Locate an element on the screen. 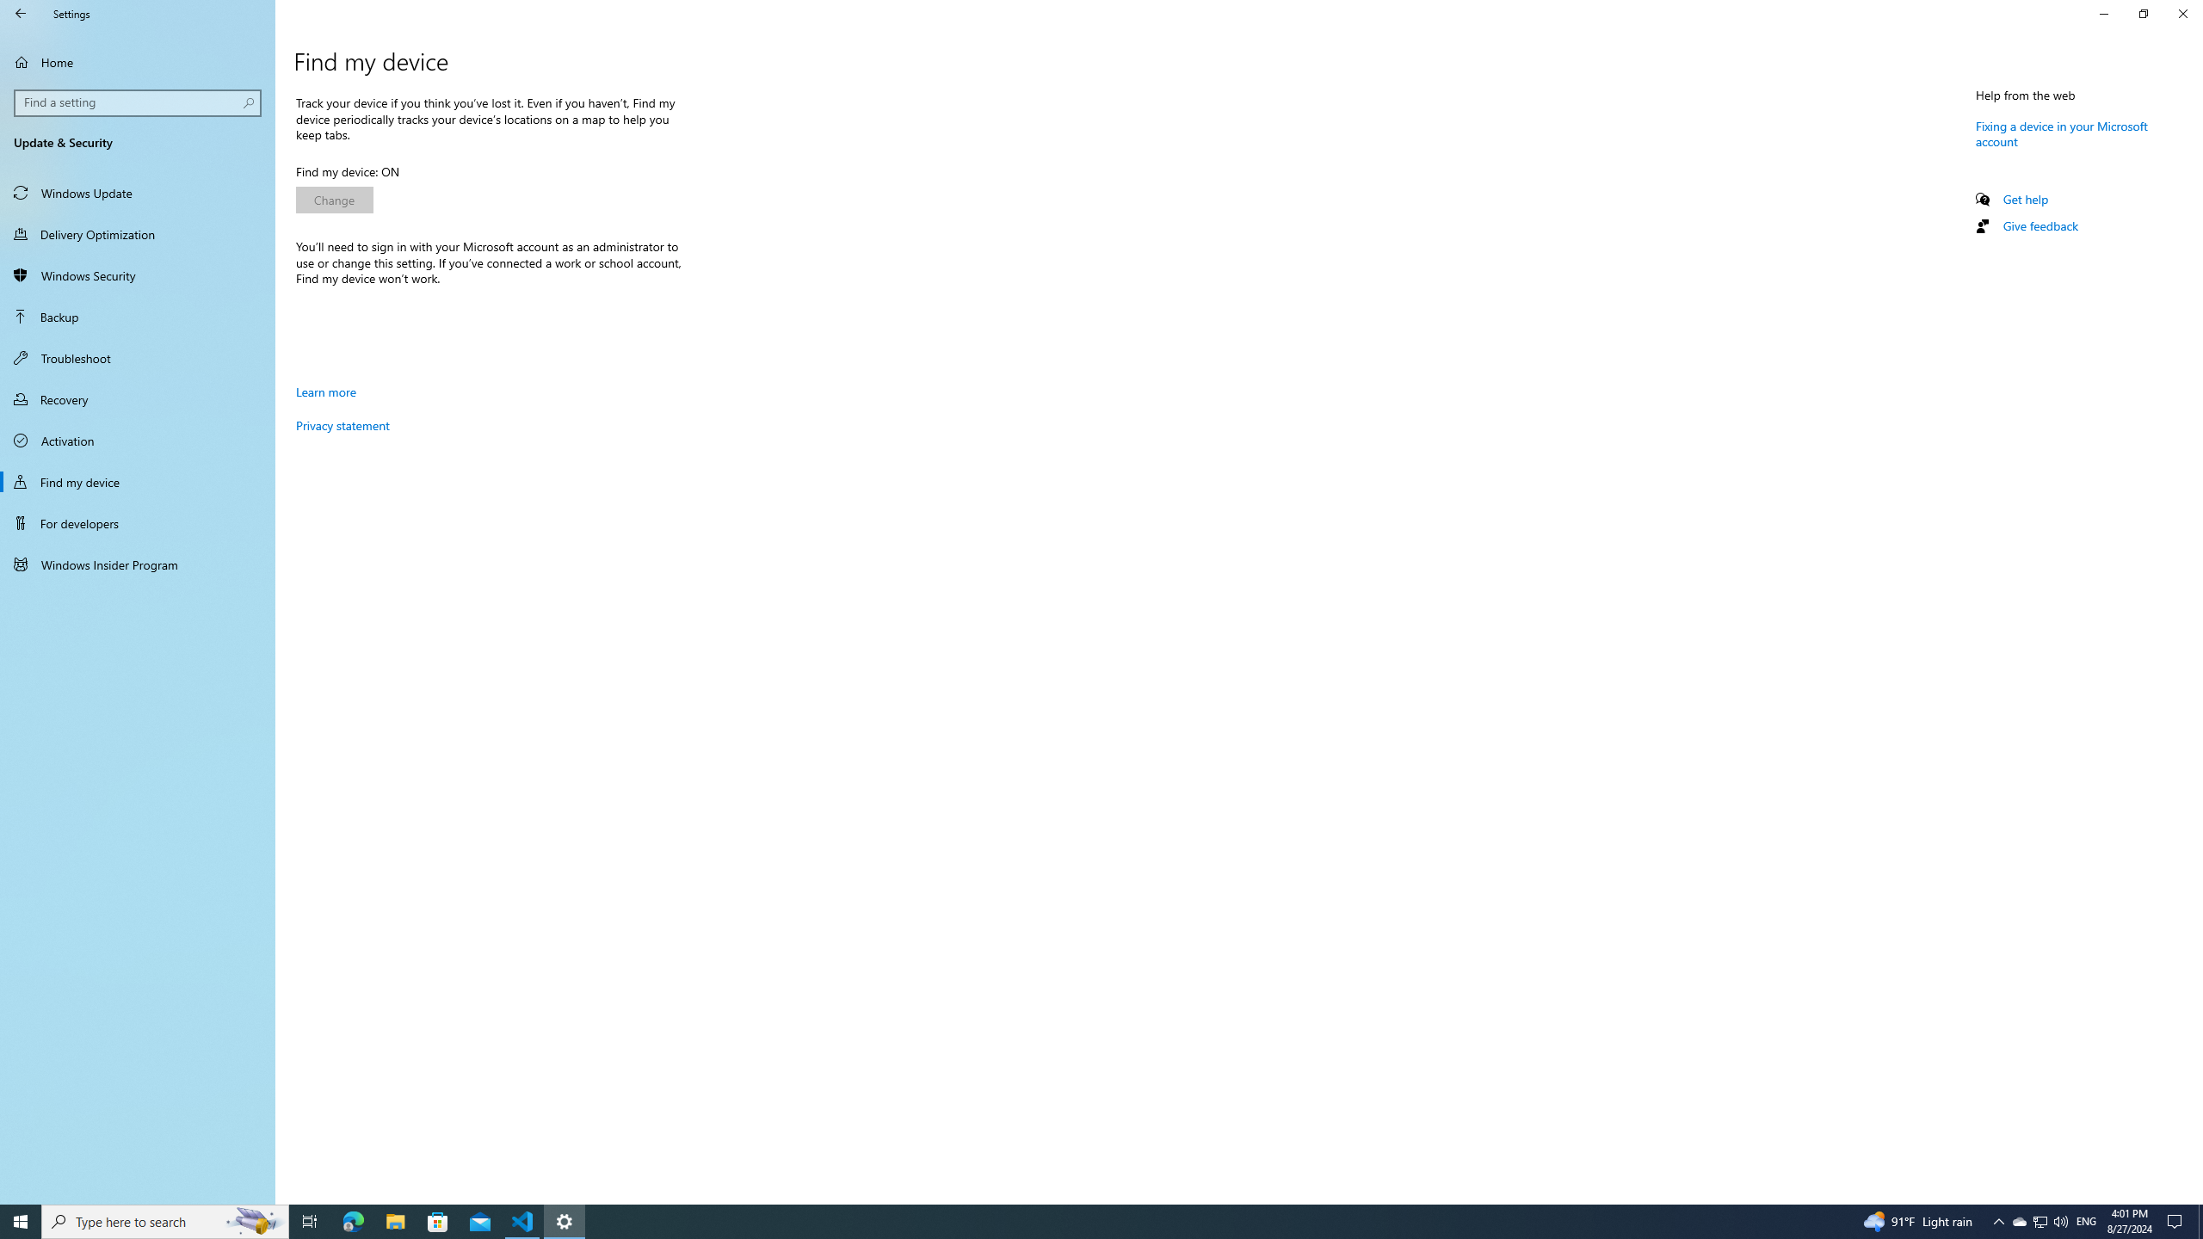  'Windows Insider Program' is located at coordinates (137, 563).